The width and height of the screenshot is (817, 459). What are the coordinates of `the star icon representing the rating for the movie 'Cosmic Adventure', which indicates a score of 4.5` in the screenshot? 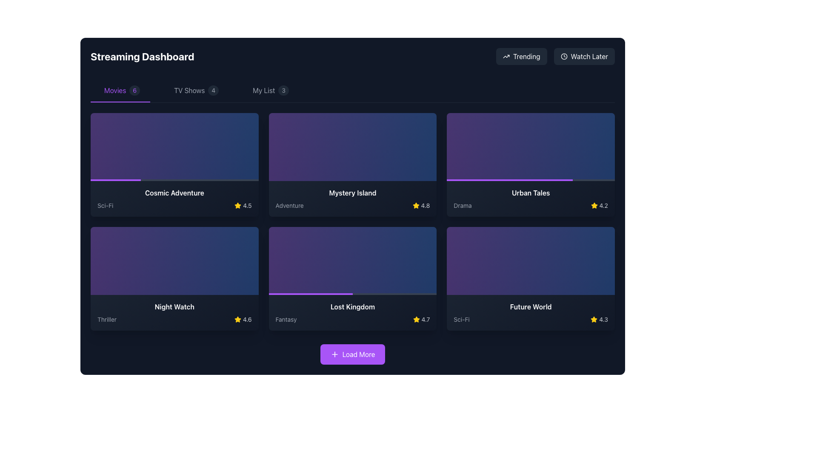 It's located at (238, 205).